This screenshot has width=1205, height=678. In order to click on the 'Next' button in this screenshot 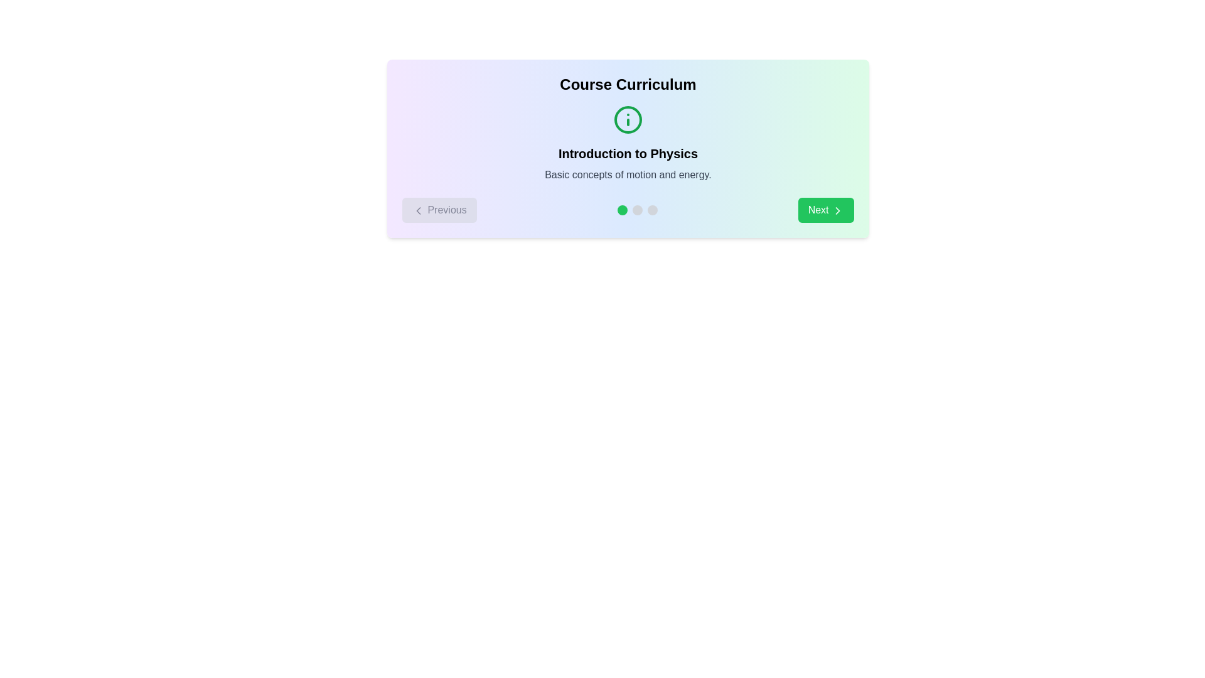, I will do `click(826, 210)`.